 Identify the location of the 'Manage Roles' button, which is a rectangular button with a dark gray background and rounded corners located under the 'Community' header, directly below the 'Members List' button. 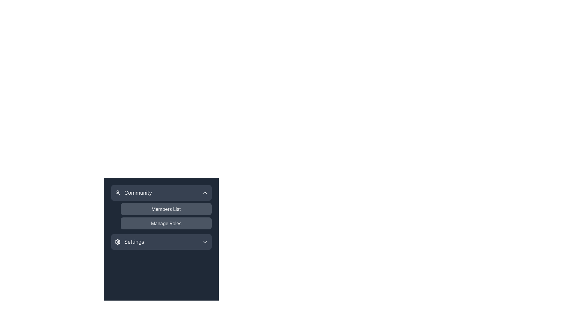
(166, 223).